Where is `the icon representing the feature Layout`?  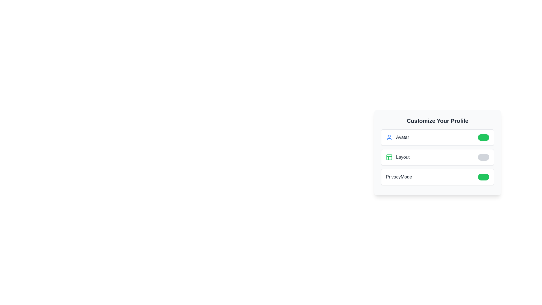 the icon representing the feature Layout is located at coordinates (389, 157).